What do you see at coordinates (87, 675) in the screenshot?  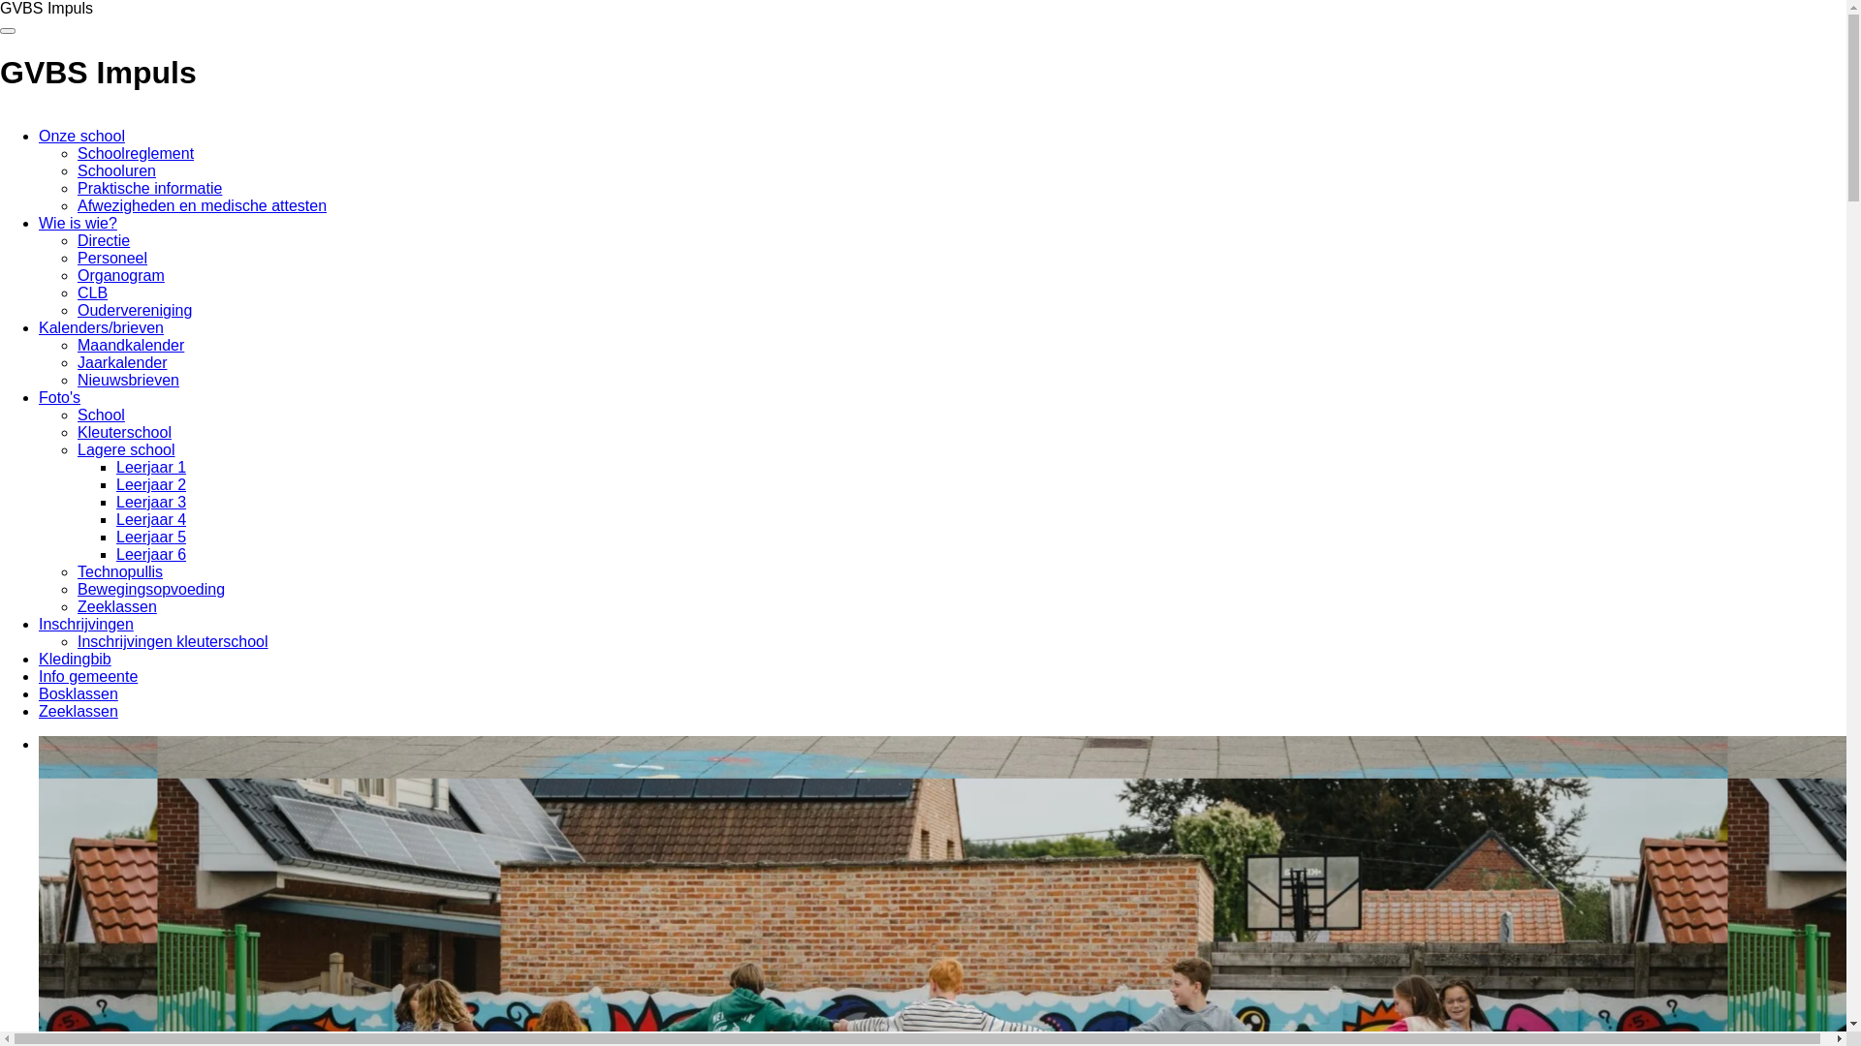 I see `'Info gemeente'` at bounding box center [87, 675].